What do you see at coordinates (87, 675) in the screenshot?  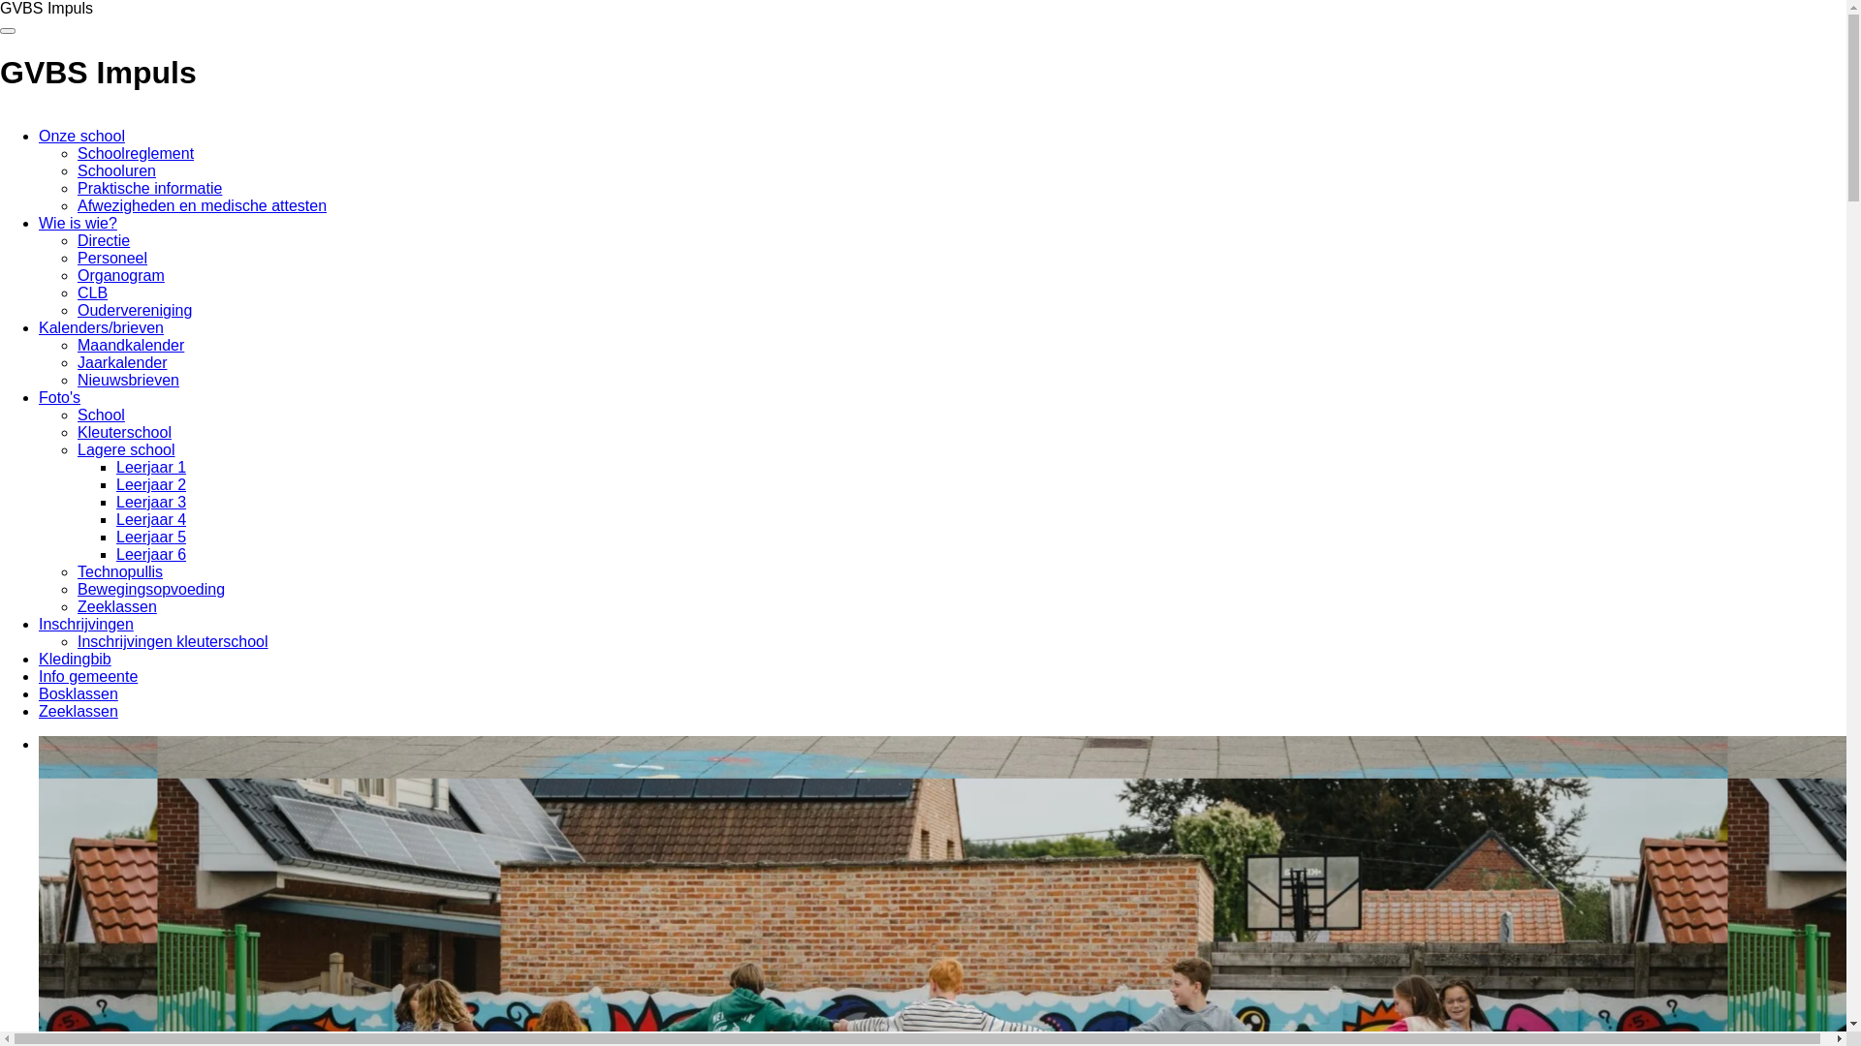 I see `'Info gemeente'` at bounding box center [87, 675].